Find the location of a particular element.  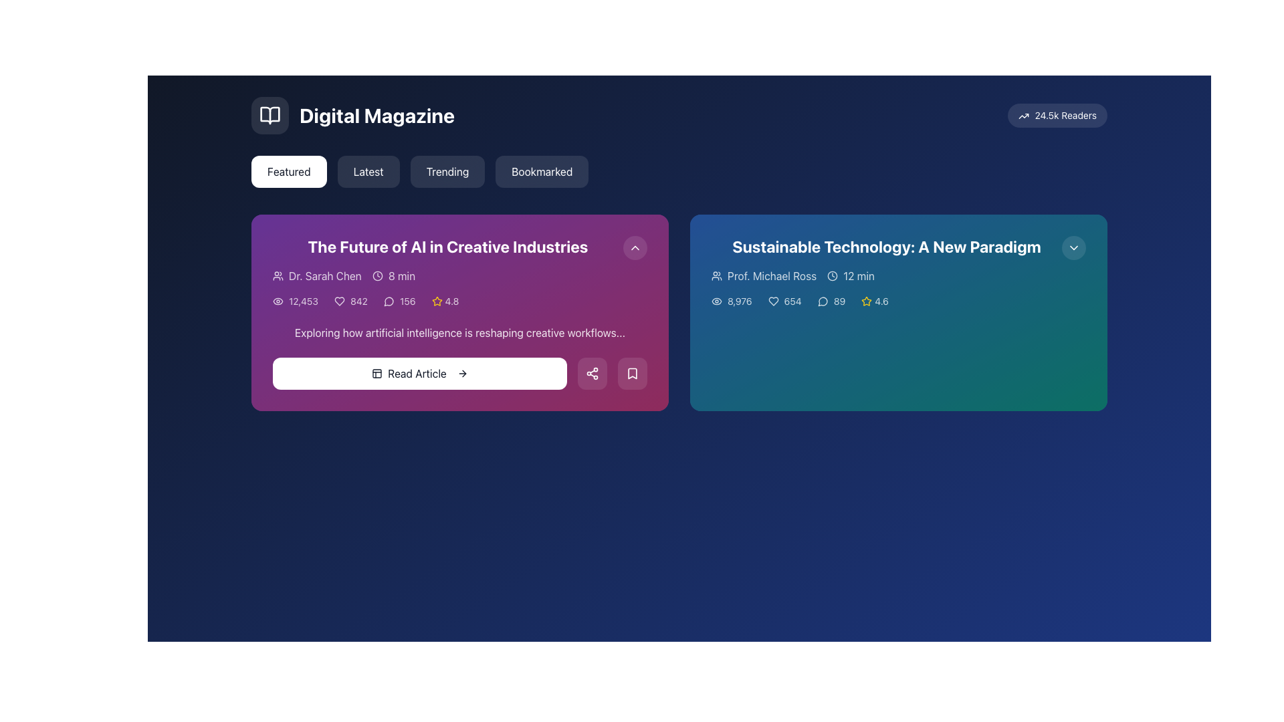

the heart-shaped icon with a purple-to-pink gradient, which serves as a visual indicator for the 'like' or 'favorite' feature, located in the statistics section of the card titled 'The Future of AI in Creative Industries' is located at coordinates (340, 302).